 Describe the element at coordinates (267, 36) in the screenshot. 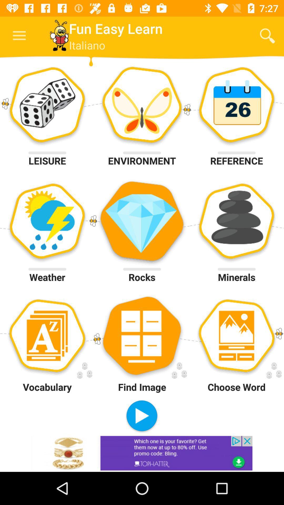

I see `the icon next to the fun easy learn item` at that location.